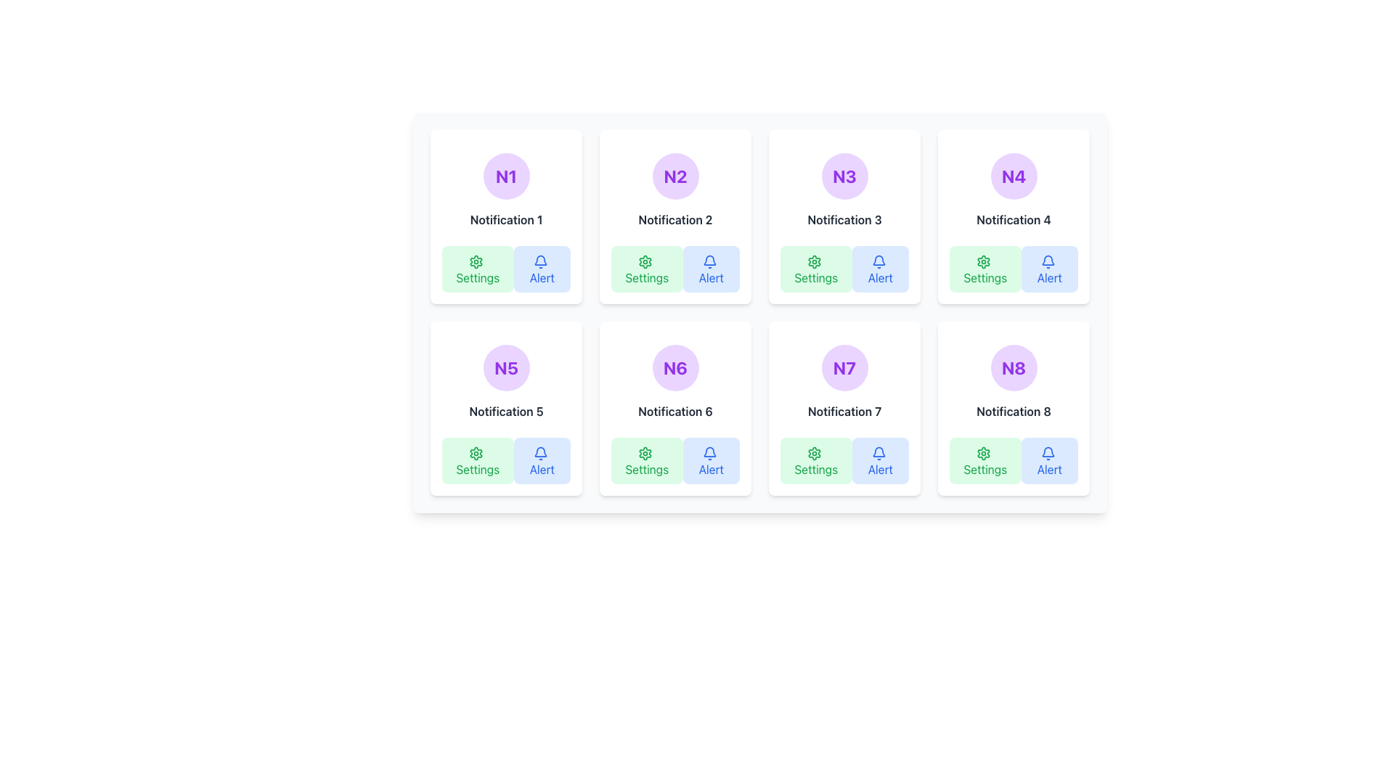 This screenshot has height=784, width=1394. What do you see at coordinates (1013, 176) in the screenshot?
I see `the informational icon representing 'Notification 4' located in the top row, fourth column of the grid layout` at bounding box center [1013, 176].